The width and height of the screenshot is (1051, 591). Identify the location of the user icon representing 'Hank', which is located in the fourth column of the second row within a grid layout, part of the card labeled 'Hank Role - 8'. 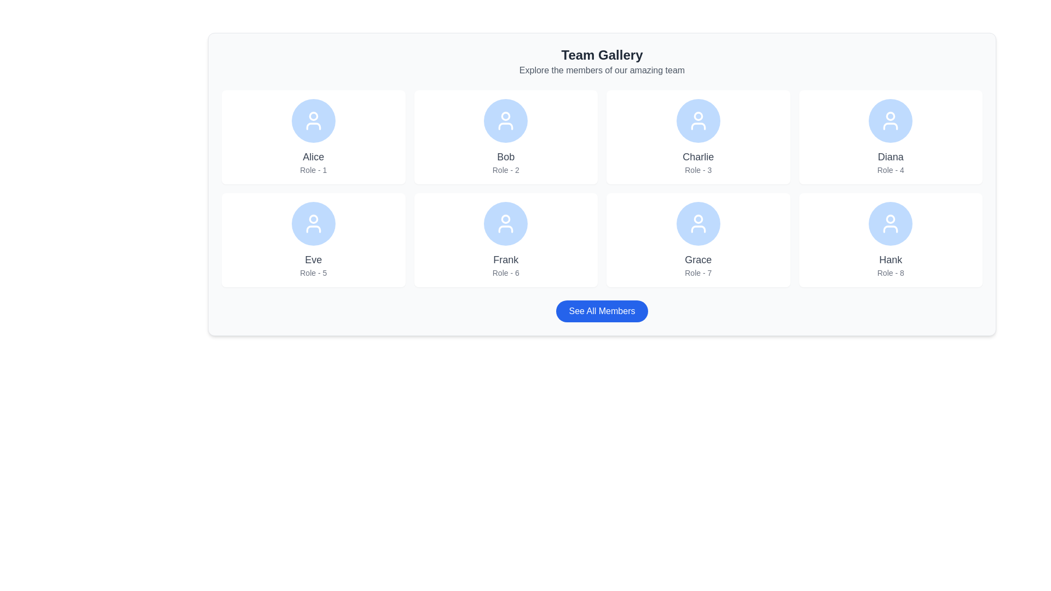
(891, 223).